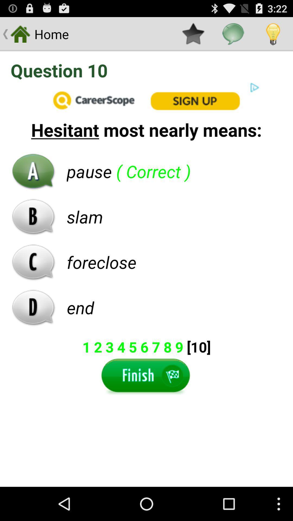  Describe the element at coordinates (146, 377) in the screenshot. I see `a finish button on a page` at that location.